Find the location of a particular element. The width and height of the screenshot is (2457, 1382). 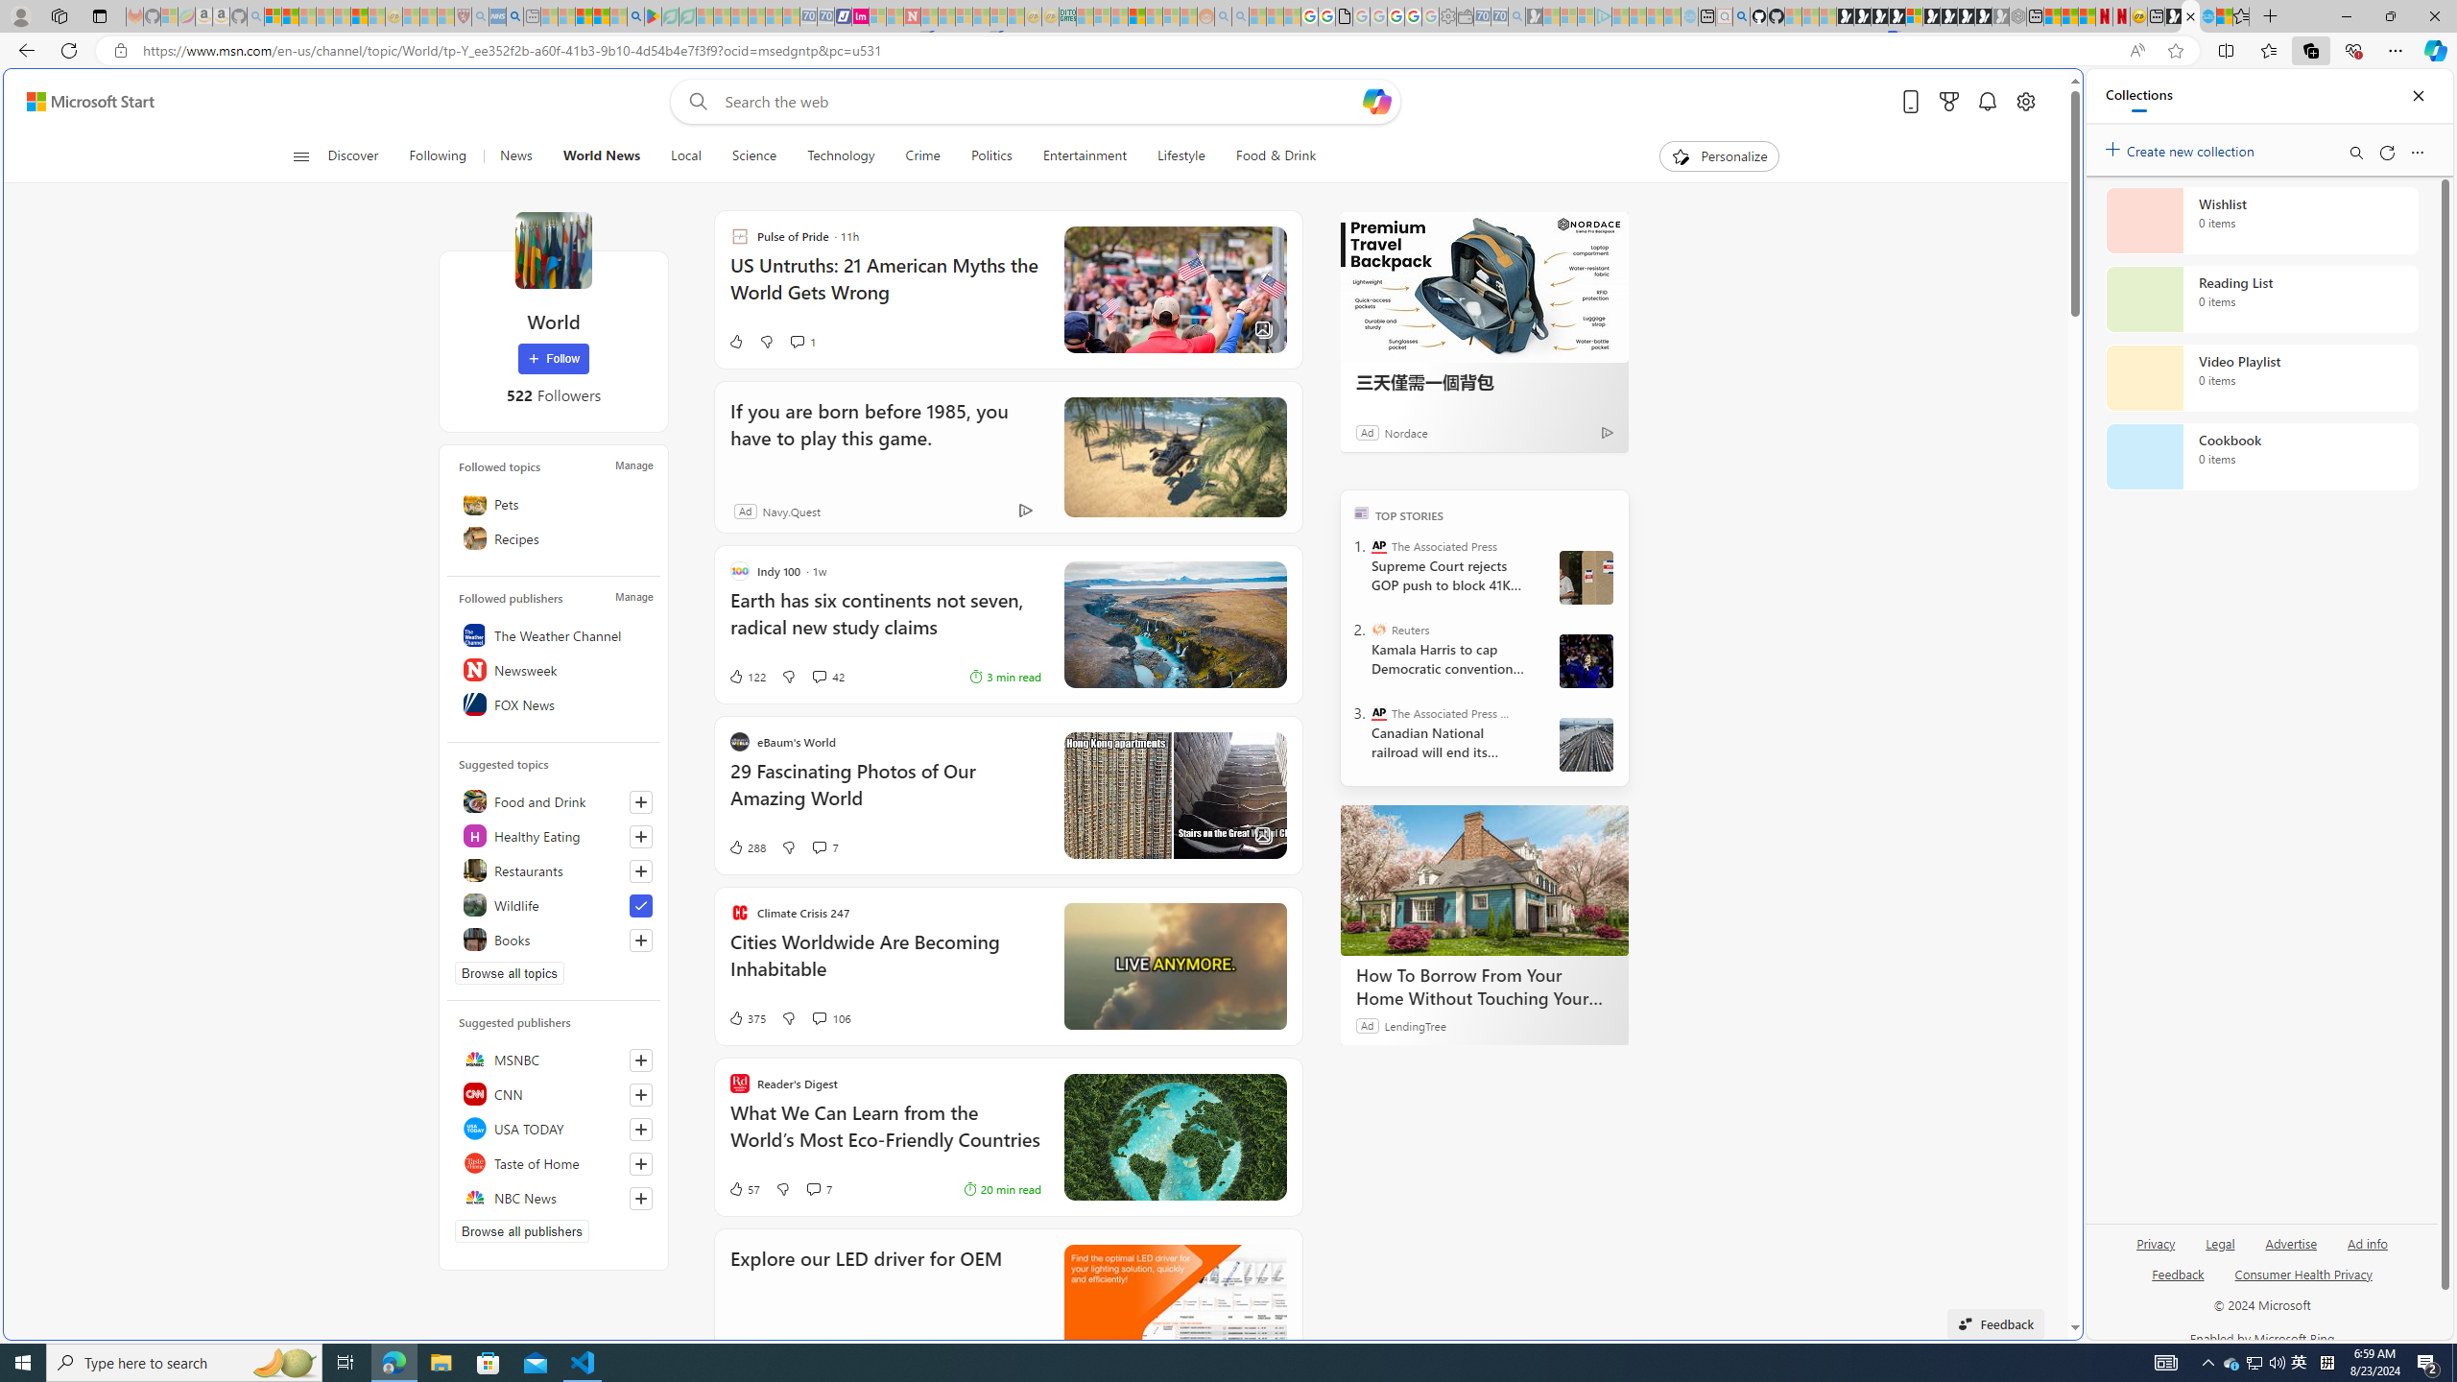

'USA TODAY' is located at coordinates (552, 1128).